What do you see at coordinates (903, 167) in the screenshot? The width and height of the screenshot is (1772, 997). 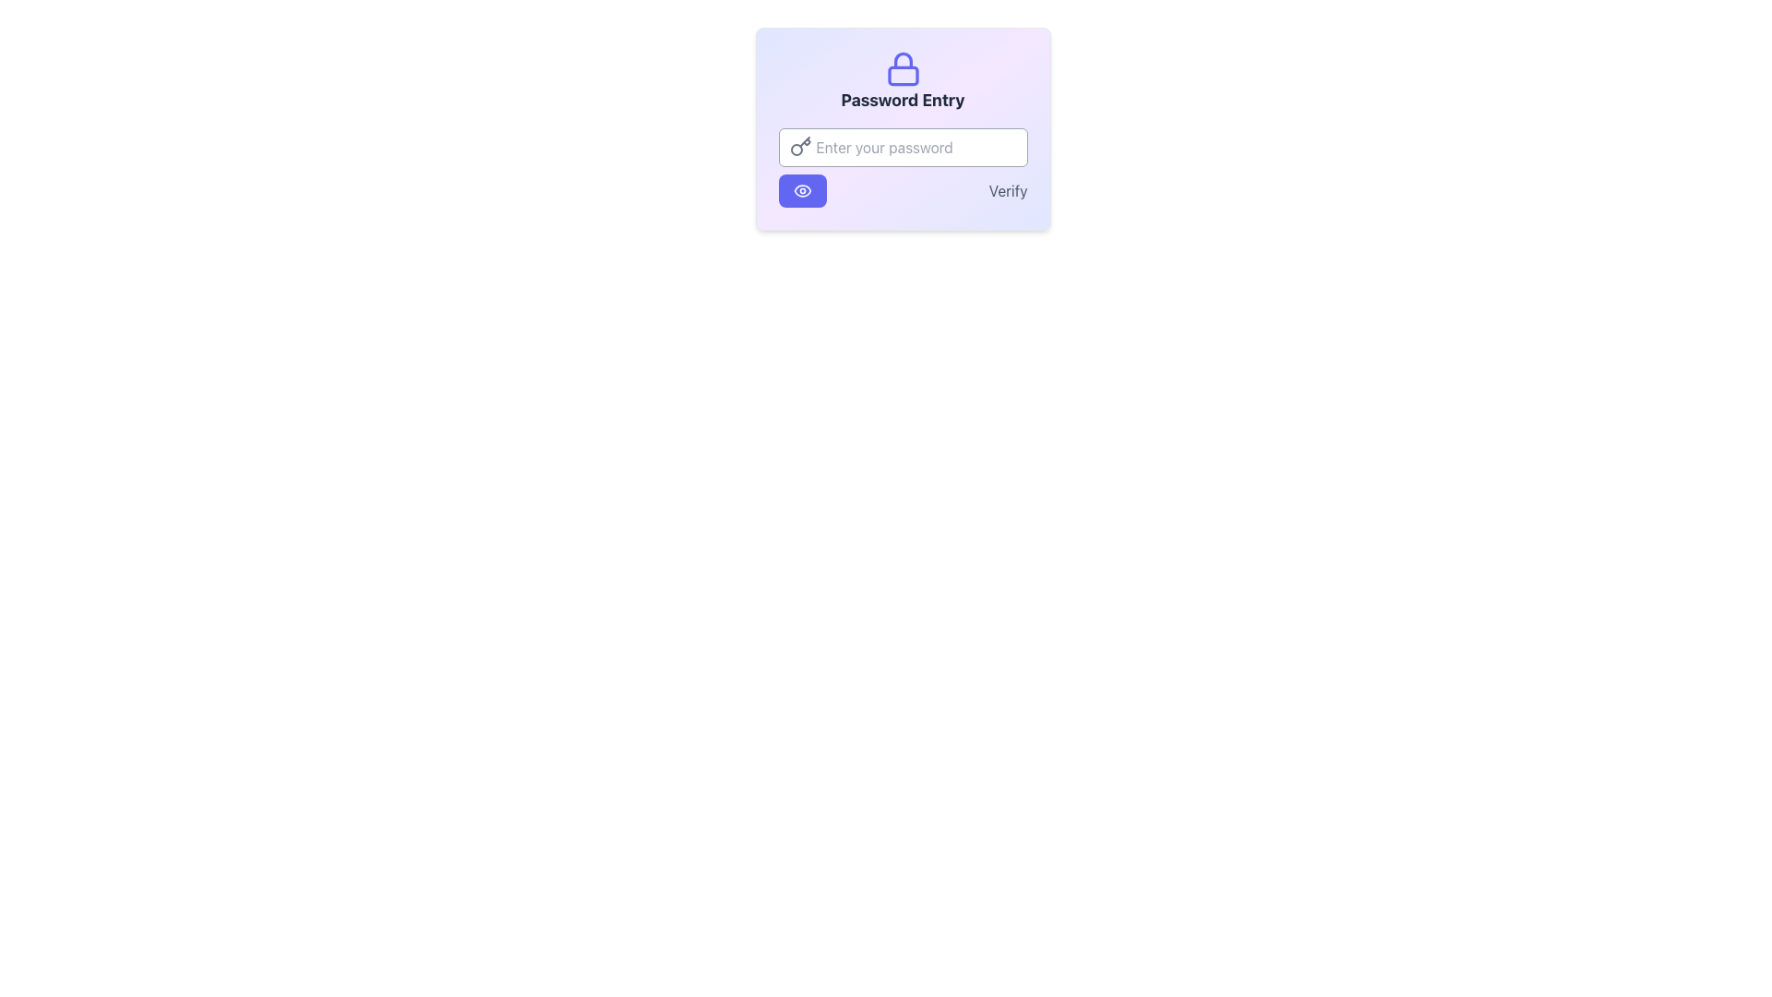 I see `the password entry Text Input Box to focus on it` at bounding box center [903, 167].